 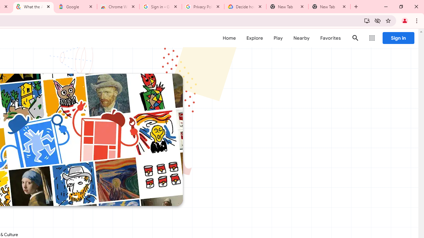 What do you see at coordinates (76, 7) in the screenshot?
I see `'Google'` at bounding box center [76, 7].